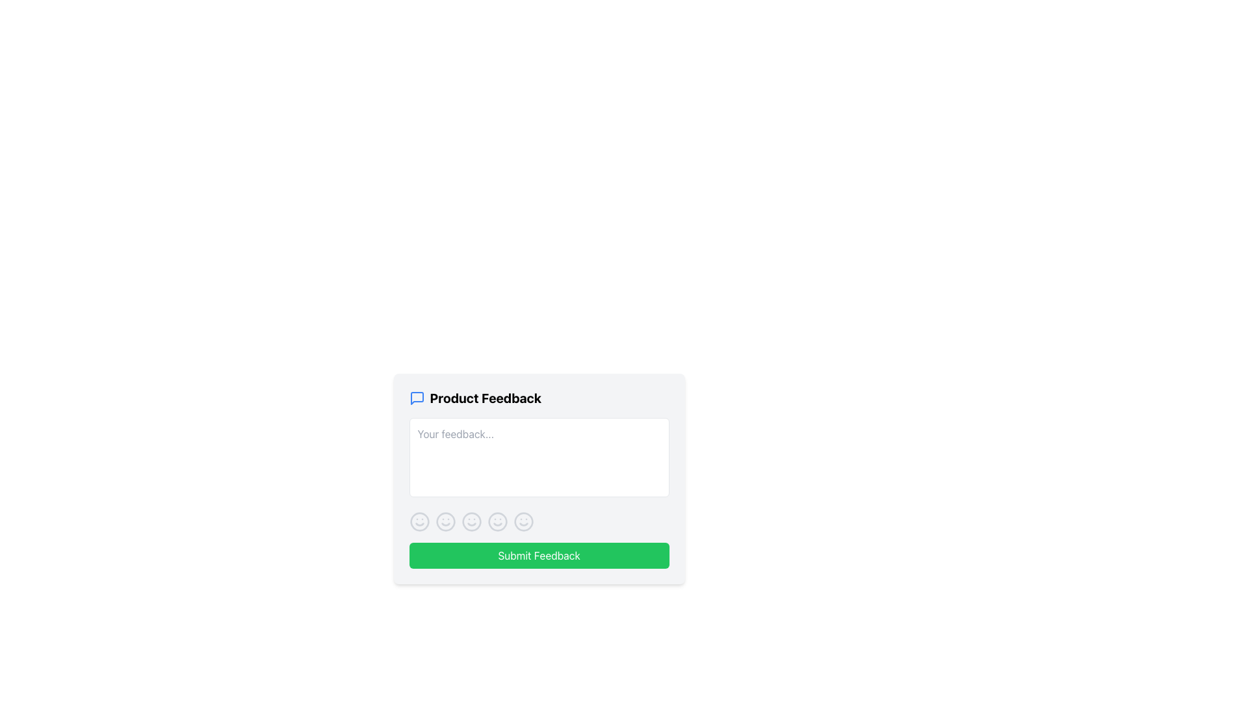 The width and height of the screenshot is (1248, 702). Describe the element at coordinates (523, 521) in the screenshot. I see `on the rightmost smiley face icon in the feedback form, which is part of the rating system located above the 'Submit Feedback' button` at that location.